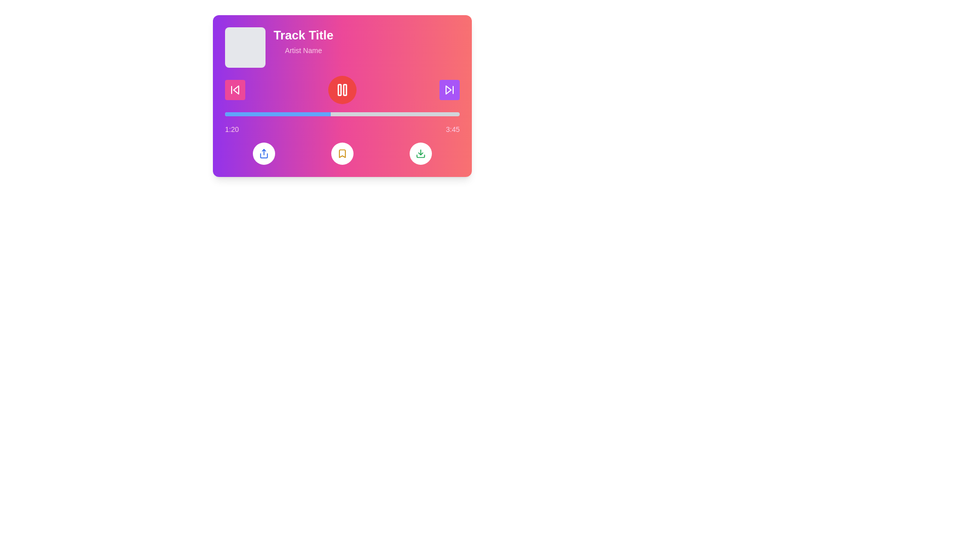  I want to click on playback progress, so click(244, 114).